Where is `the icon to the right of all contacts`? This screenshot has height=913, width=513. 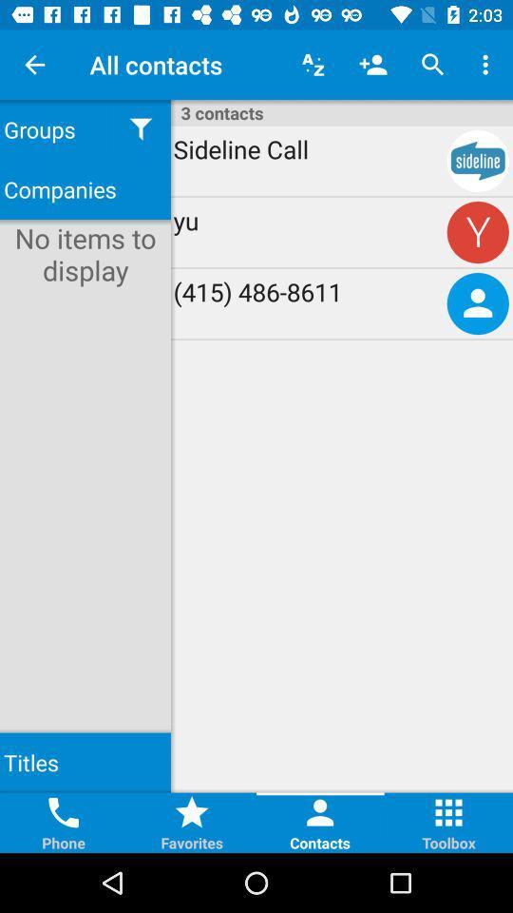 the icon to the right of all contacts is located at coordinates (313, 65).